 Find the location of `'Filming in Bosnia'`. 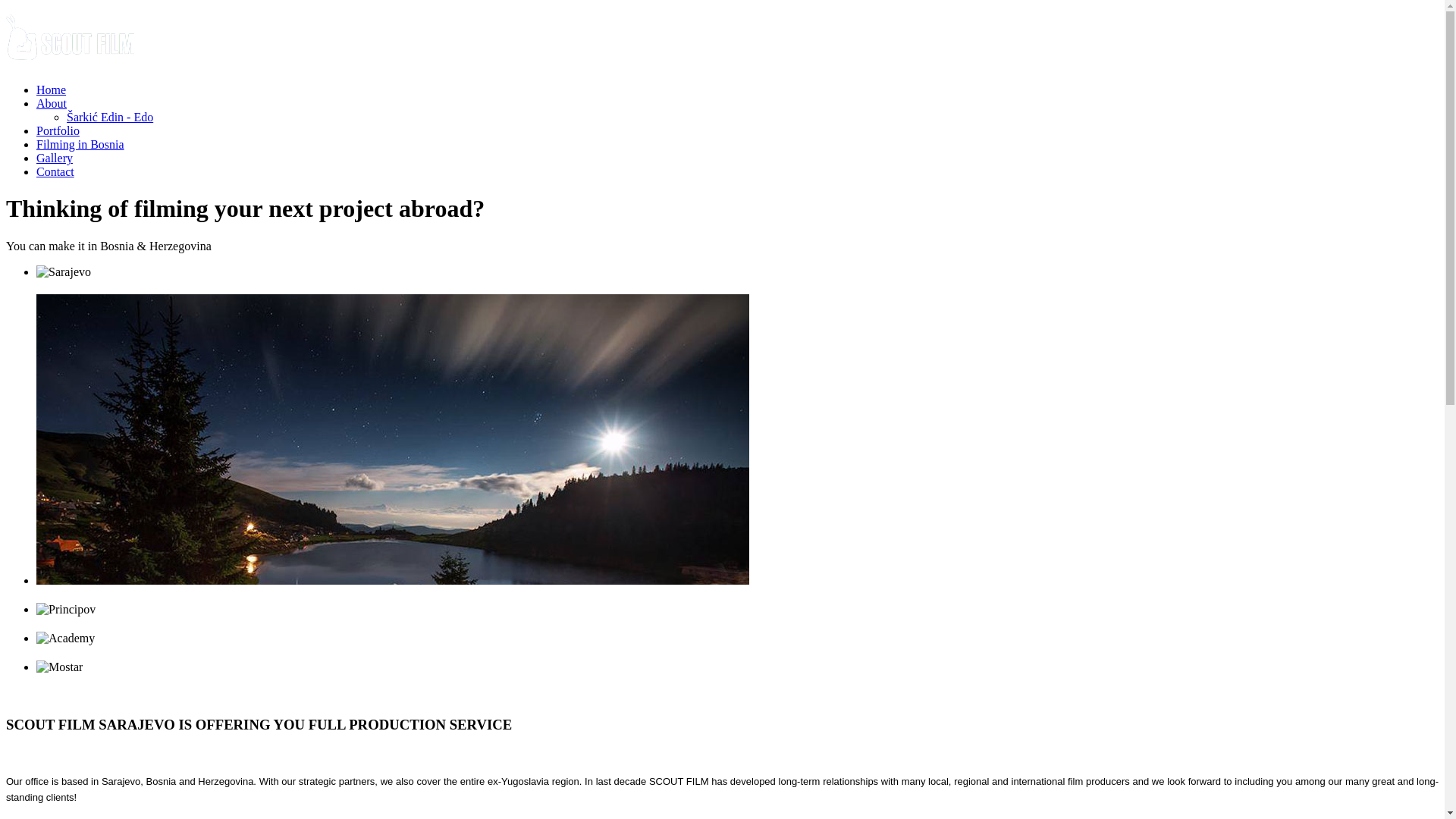

'Filming in Bosnia' is located at coordinates (79, 144).